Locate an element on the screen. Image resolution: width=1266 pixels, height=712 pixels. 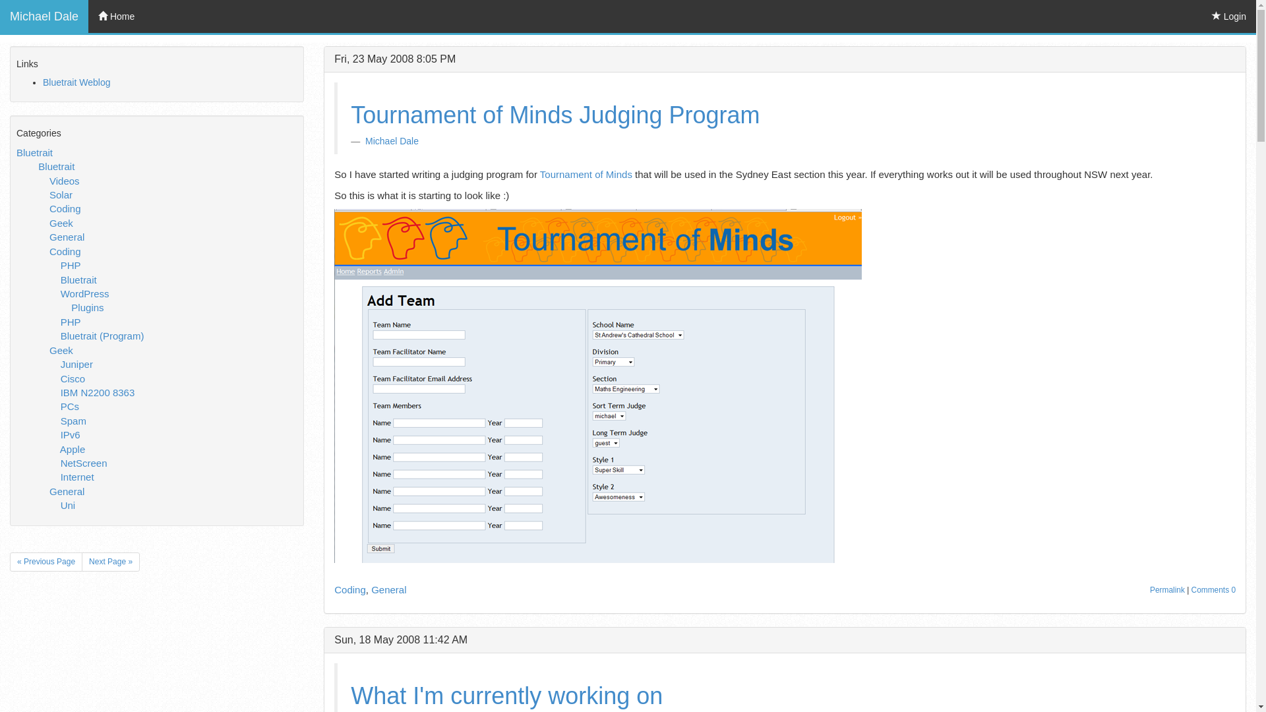
'Permalink' is located at coordinates (1167, 589).